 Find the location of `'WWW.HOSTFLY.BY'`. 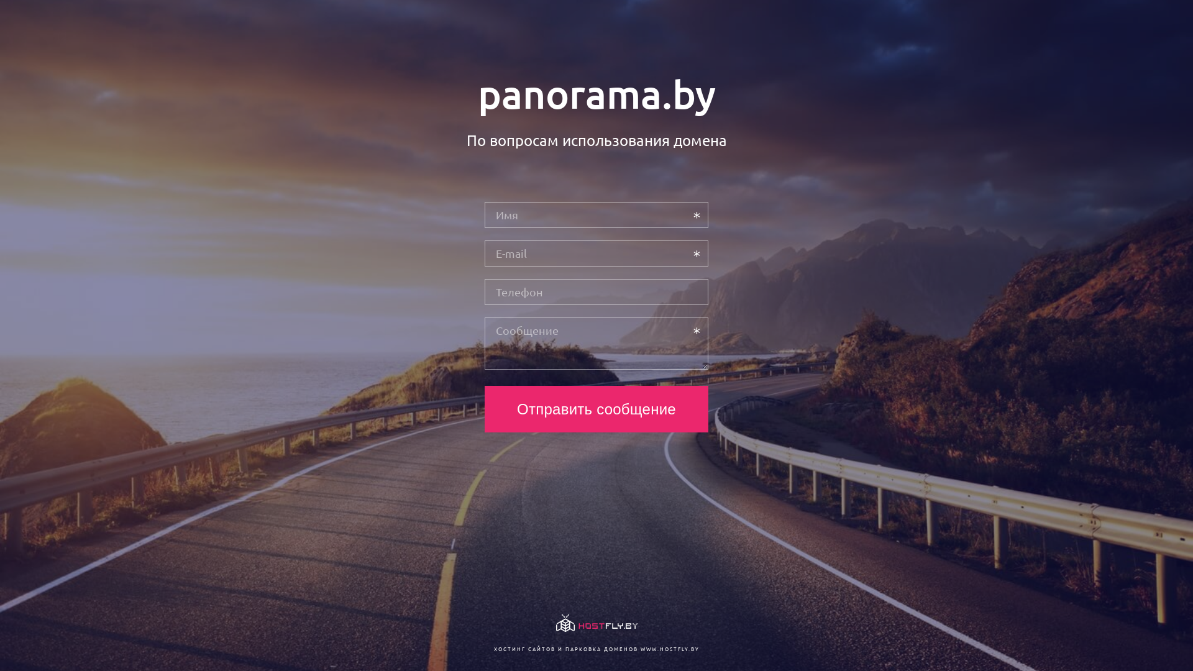

'WWW.HOSTFLY.BY' is located at coordinates (669, 648).